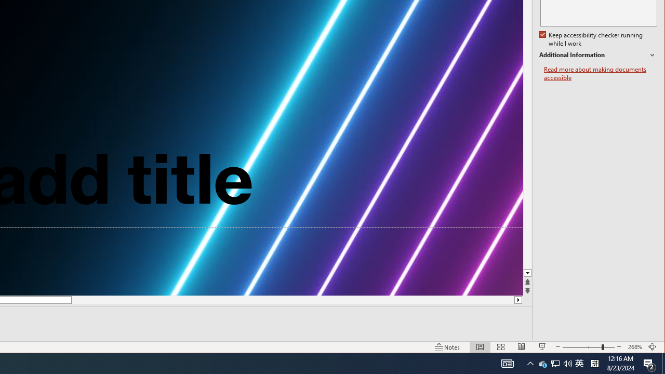 The image size is (665, 374). What do you see at coordinates (555, 363) in the screenshot?
I see `'Notification Chevron'` at bounding box center [555, 363].